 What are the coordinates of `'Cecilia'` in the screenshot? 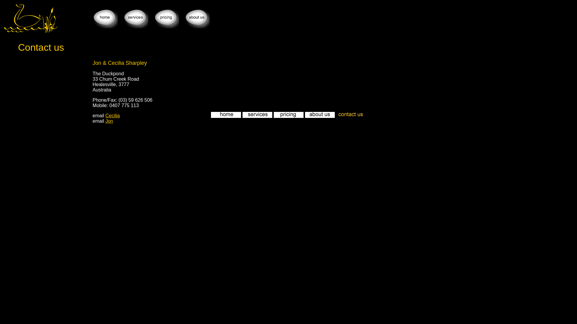 It's located at (112, 115).